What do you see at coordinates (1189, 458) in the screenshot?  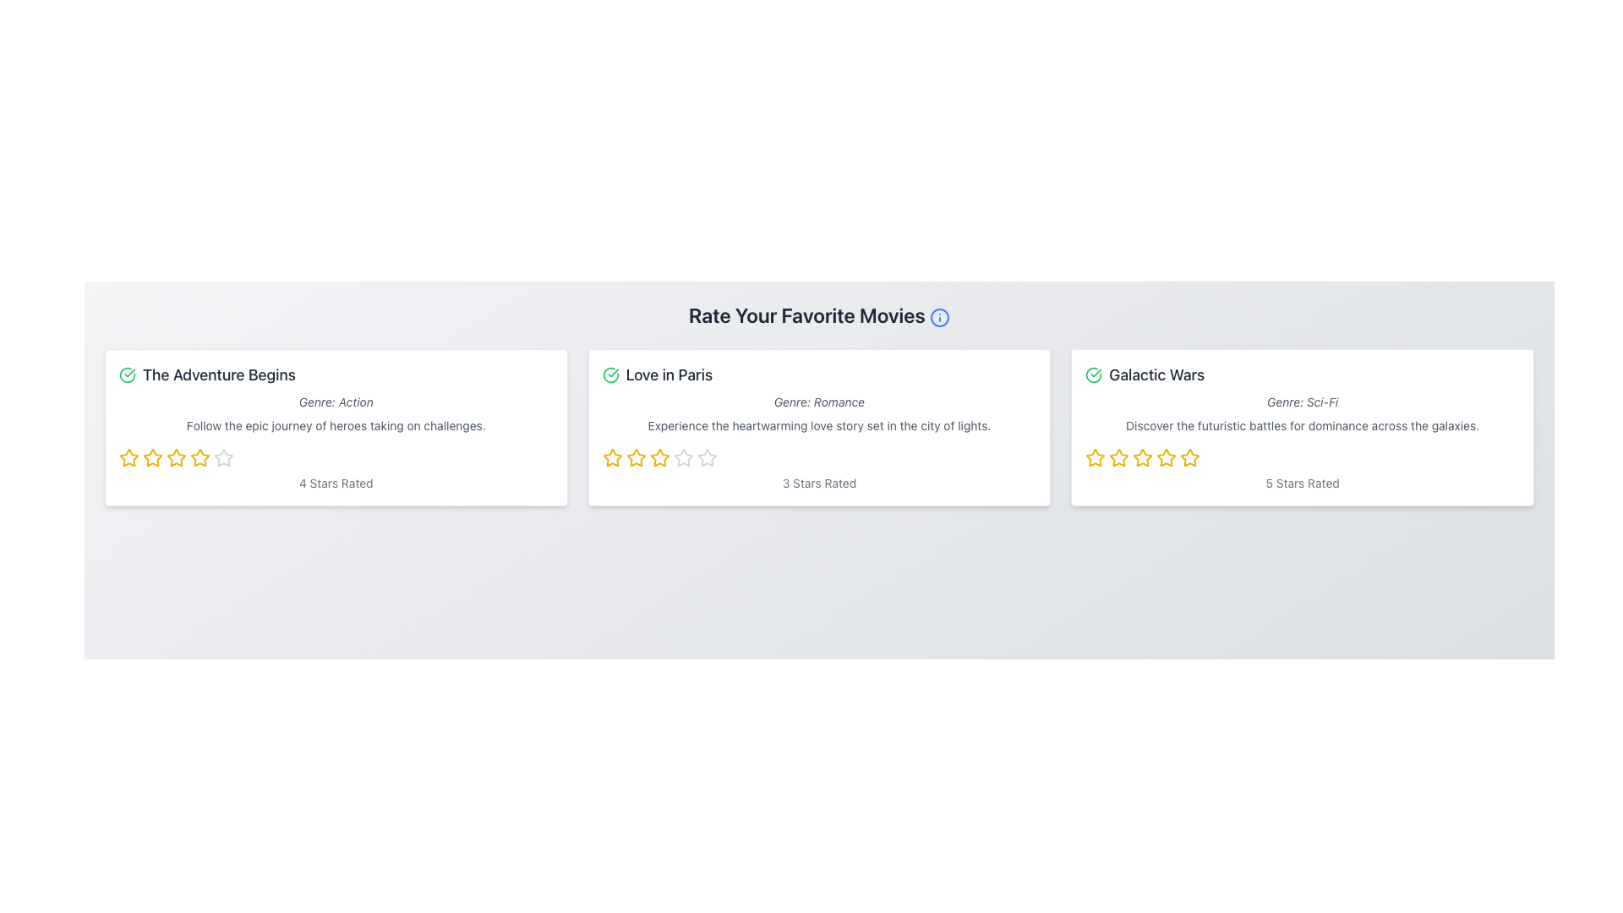 I see `the fifth rating star icon for the 'Galactic Wars' movie to interact with it` at bounding box center [1189, 458].